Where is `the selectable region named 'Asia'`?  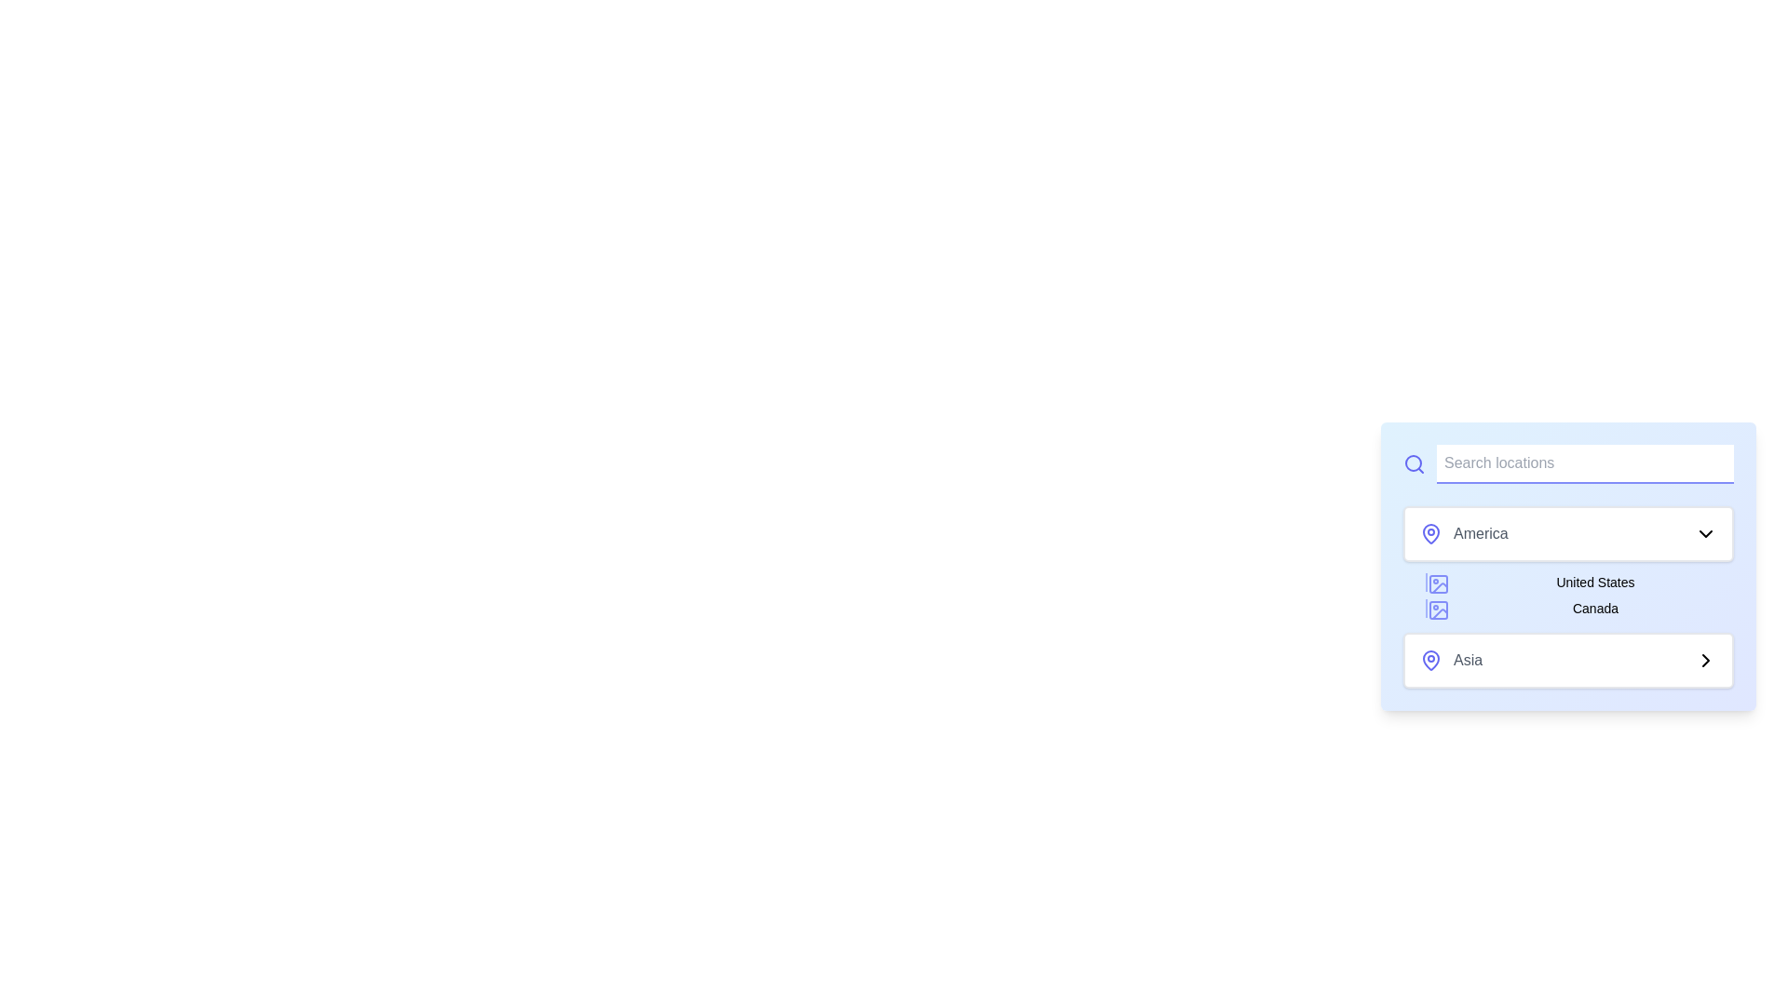
the selectable region named 'Asia' is located at coordinates (1567, 659).